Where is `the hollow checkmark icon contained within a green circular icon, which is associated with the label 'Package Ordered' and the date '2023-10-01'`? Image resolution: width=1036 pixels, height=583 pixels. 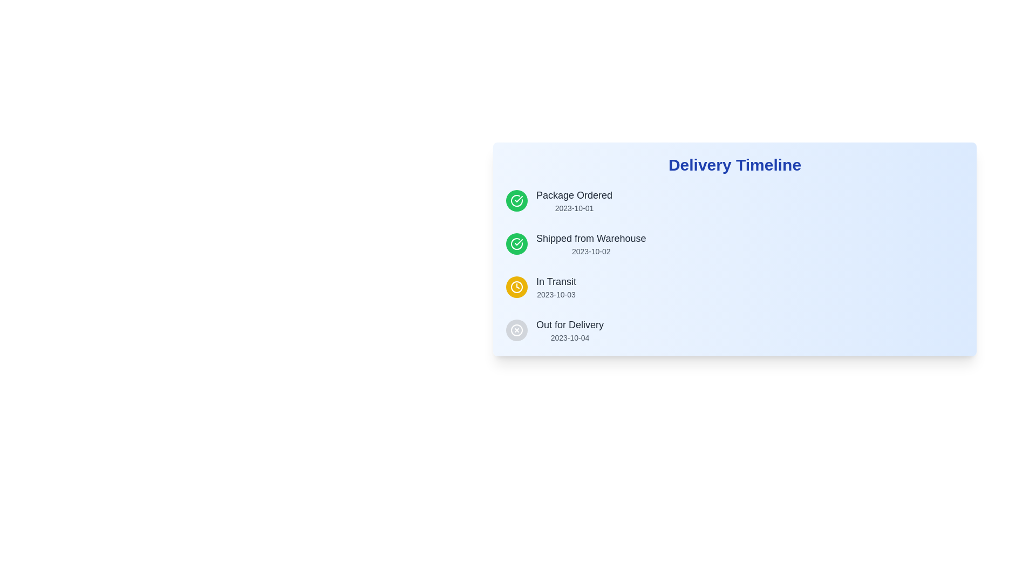
the hollow checkmark icon contained within a green circular icon, which is associated with the label 'Package Ordered' and the date '2023-10-01' is located at coordinates (519, 241).